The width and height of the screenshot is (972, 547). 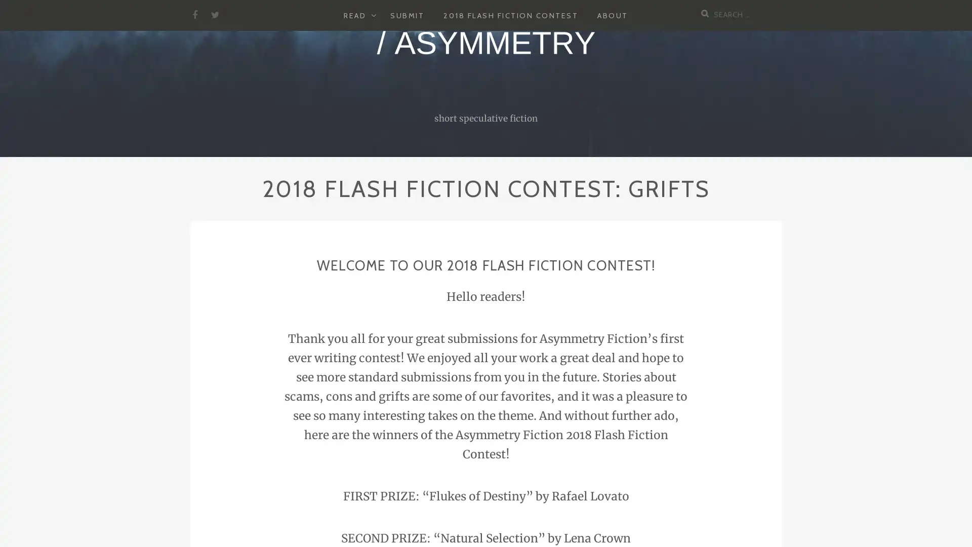 What do you see at coordinates (706, 13) in the screenshot?
I see `Search` at bounding box center [706, 13].